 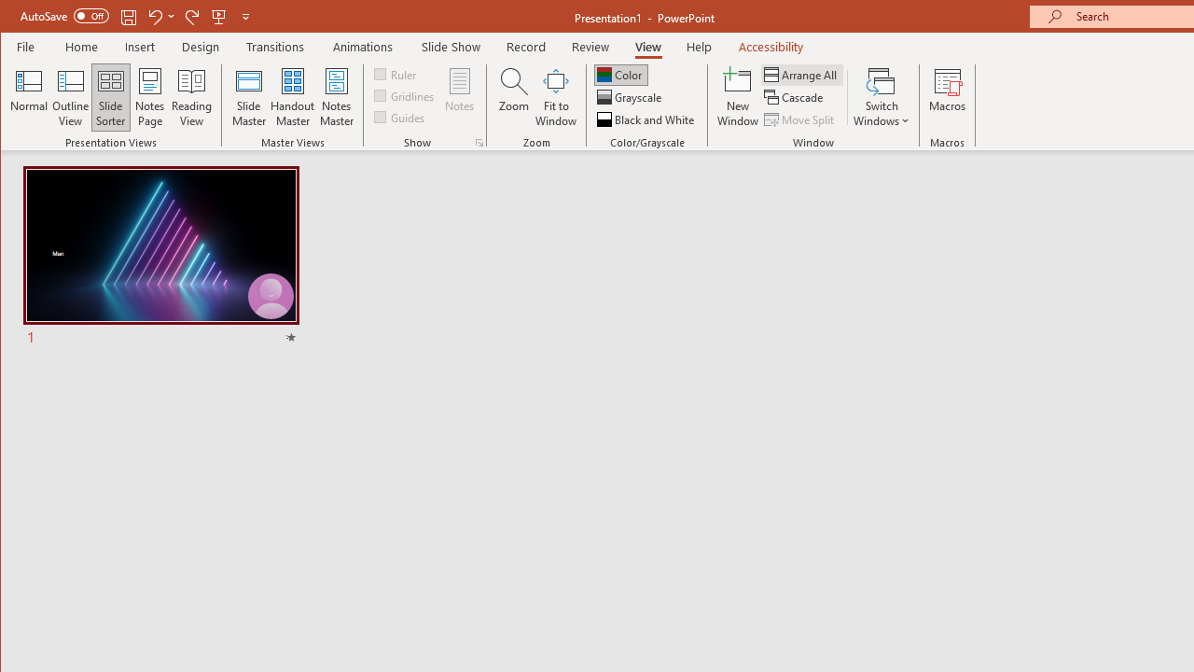 I want to click on 'Move Split', so click(x=800, y=119).